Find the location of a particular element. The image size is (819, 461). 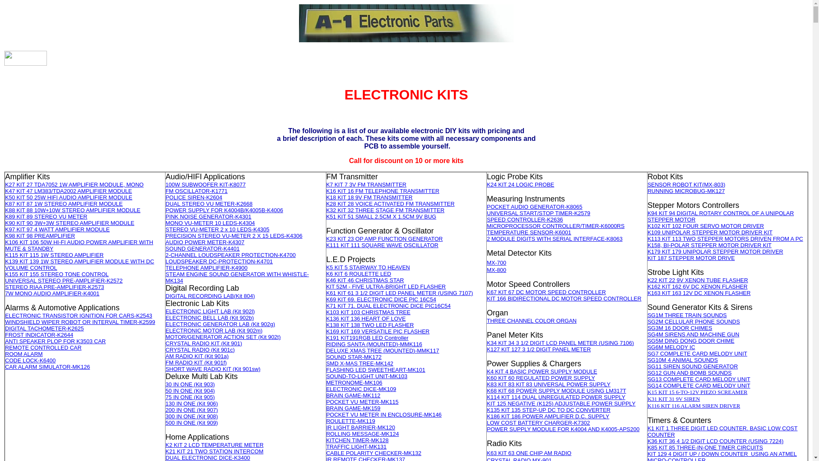

'UNIVERSAL STEREO PRE-AMPLIFIER-K2572' is located at coordinates (63, 280).